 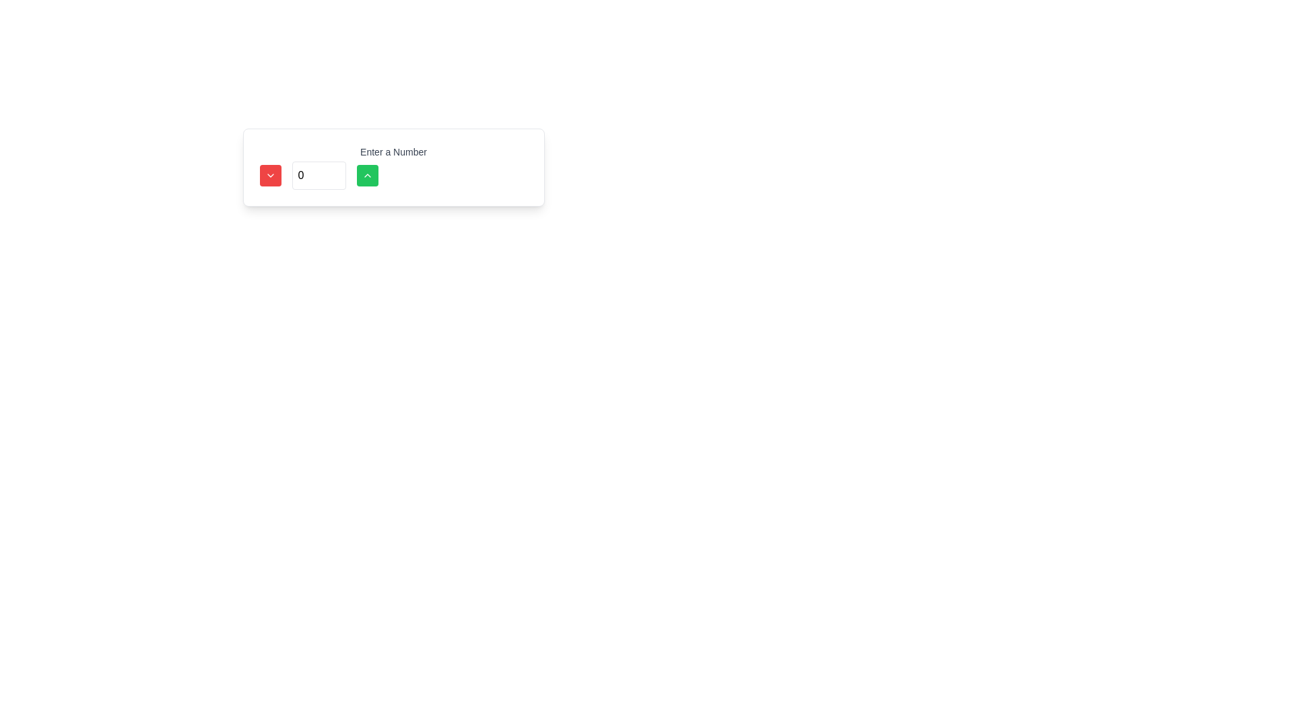 What do you see at coordinates (367, 175) in the screenshot?
I see `the vibrant green square button with rounded corners and a white upward-pointing chevron icon to increment the numeric value` at bounding box center [367, 175].